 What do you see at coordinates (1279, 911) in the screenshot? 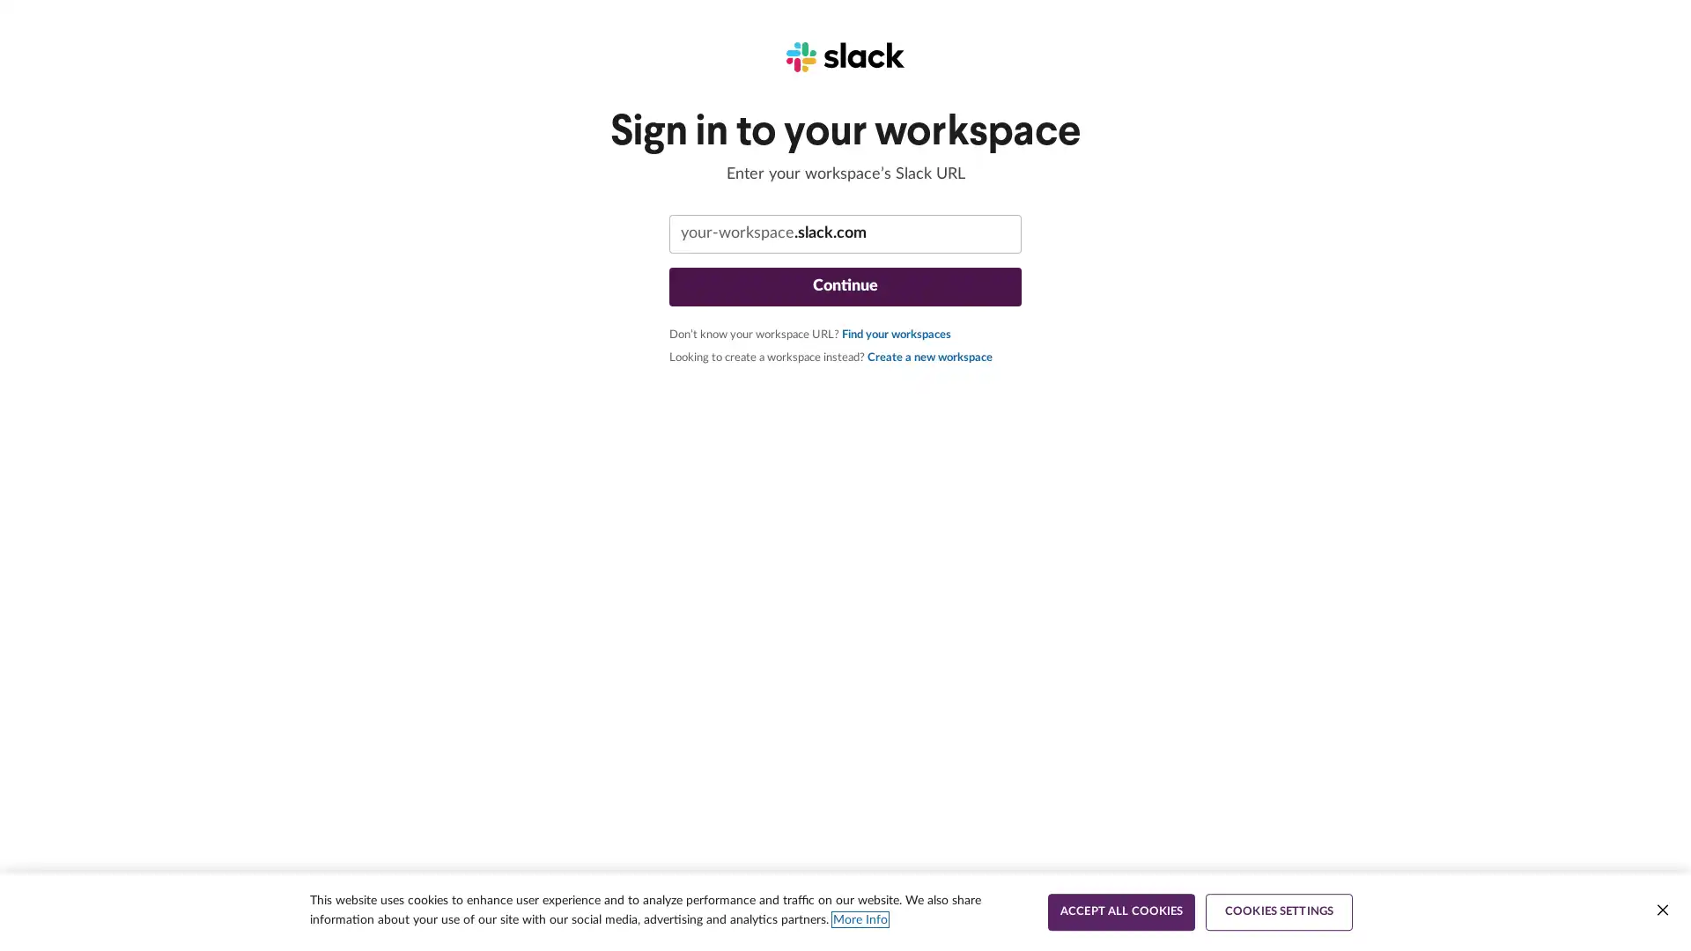
I see `COOKIES SETTINGS` at bounding box center [1279, 911].